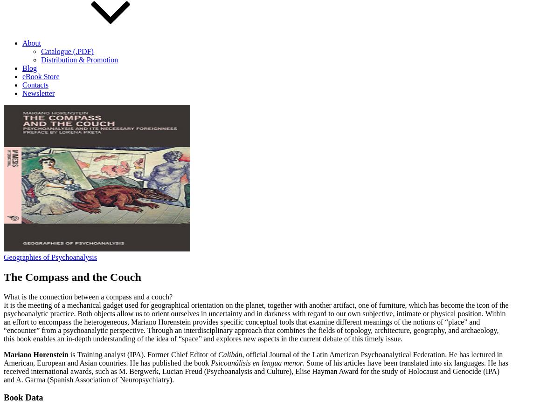 The width and height of the screenshot is (547, 407). I want to click on 'Calibán', so click(230, 353).